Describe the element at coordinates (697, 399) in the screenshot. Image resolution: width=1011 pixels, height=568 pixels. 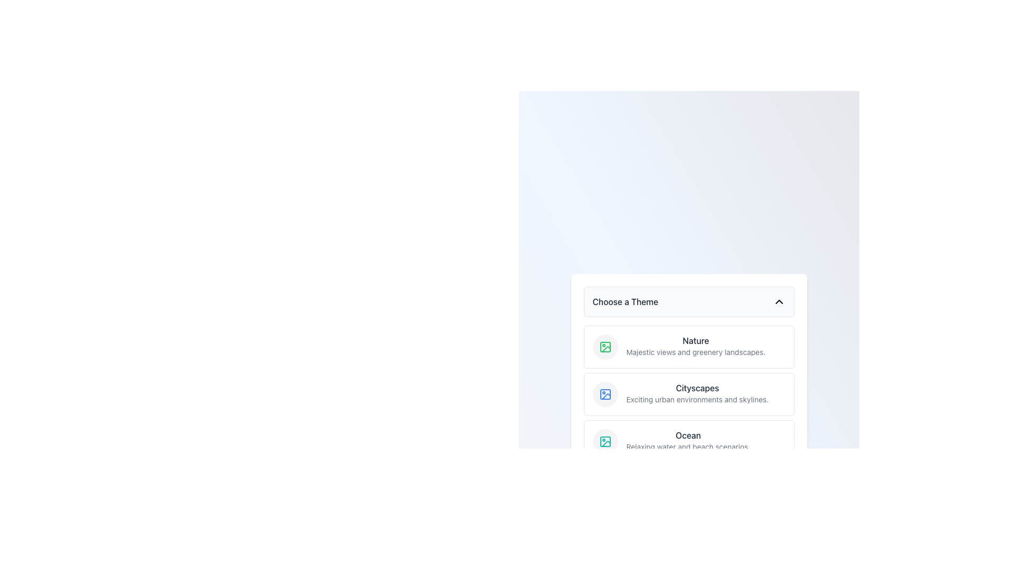
I see `descriptive subtitle text label located below the 'Cityscapes' title in the theme options` at that location.